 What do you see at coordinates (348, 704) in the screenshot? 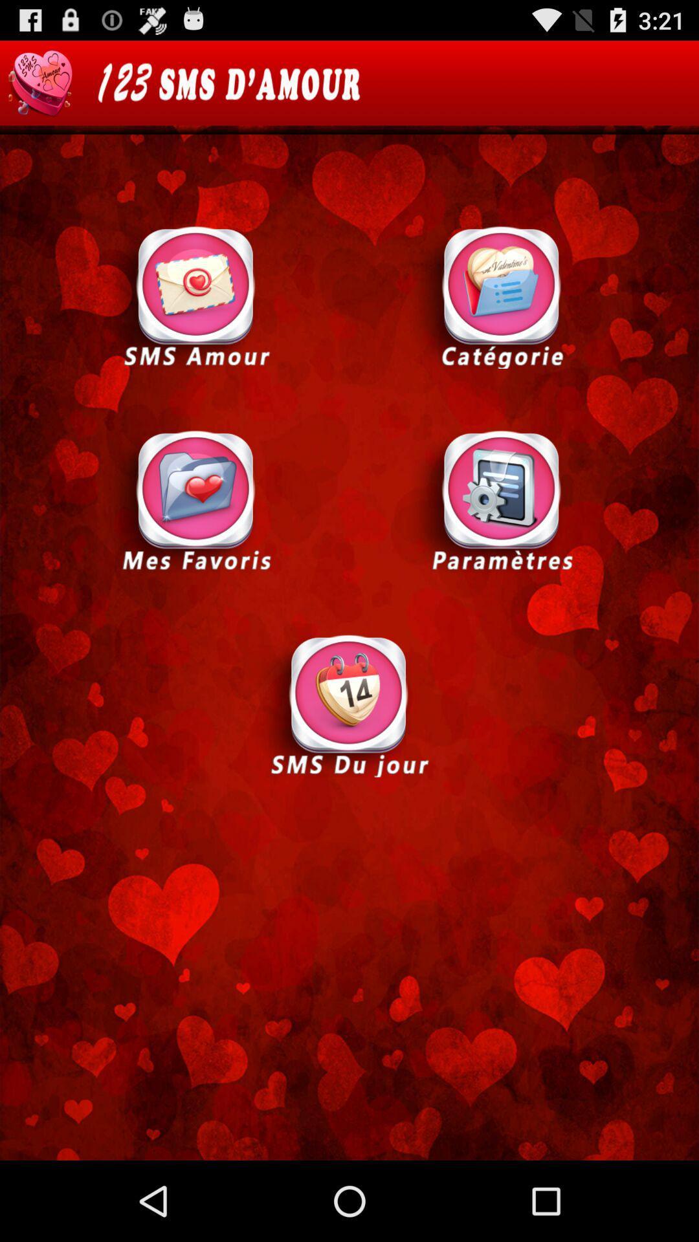
I see `sms du jour` at bounding box center [348, 704].